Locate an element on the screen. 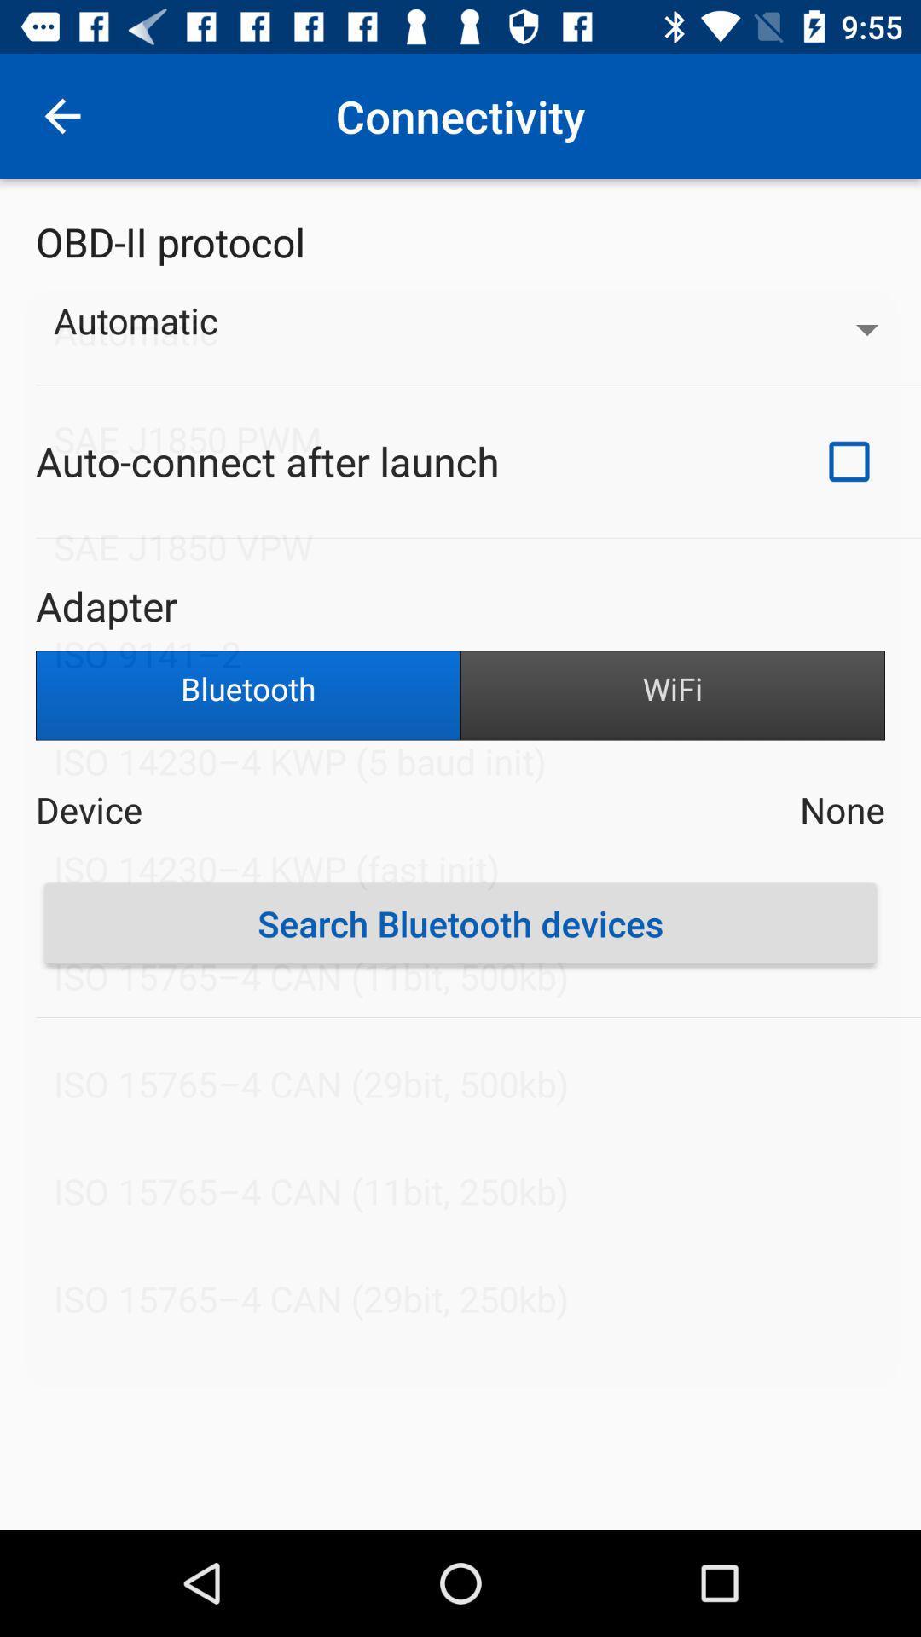  the item next to auto connect after icon is located at coordinates (849, 461).